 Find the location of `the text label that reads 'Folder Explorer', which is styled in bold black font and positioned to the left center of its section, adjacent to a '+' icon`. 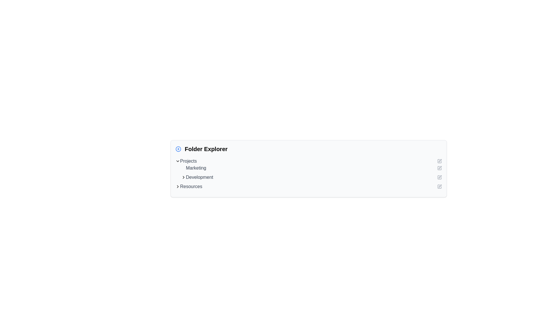

the text label that reads 'Folder Explorer', which is styled in bold black font and positioned to the left center of its section, adjacent to a '+' icon is located at coordinates (206, 149).